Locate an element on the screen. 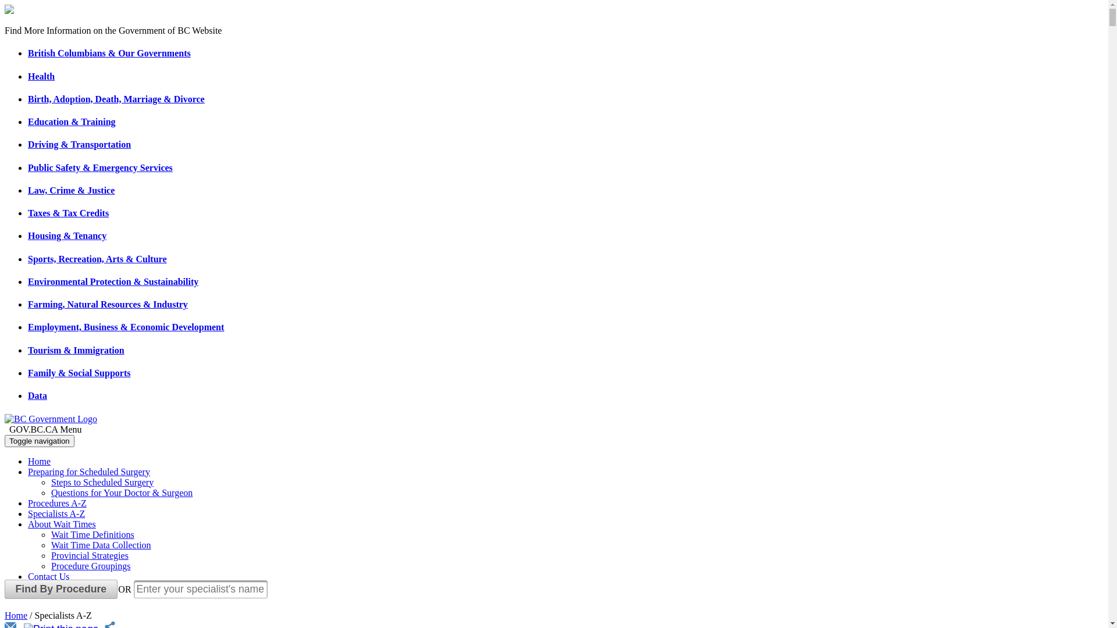 Image resolution: width=1117 pixels, height=628 pixels. 'Birth, Adoption, Death, Marriage & Divorce' is located at coordinates (116, 98).